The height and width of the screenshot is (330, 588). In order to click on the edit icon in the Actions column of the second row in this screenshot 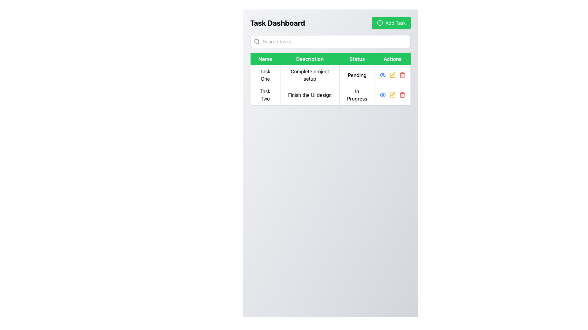, I will do `click(392, 95)`.